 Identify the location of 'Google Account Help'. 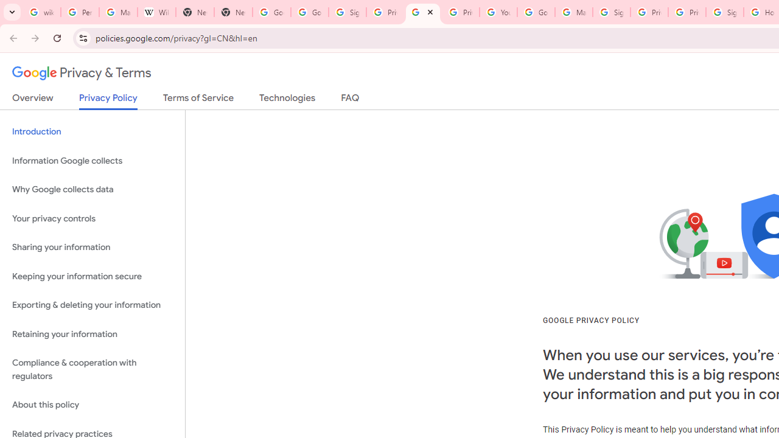
(536, 12).